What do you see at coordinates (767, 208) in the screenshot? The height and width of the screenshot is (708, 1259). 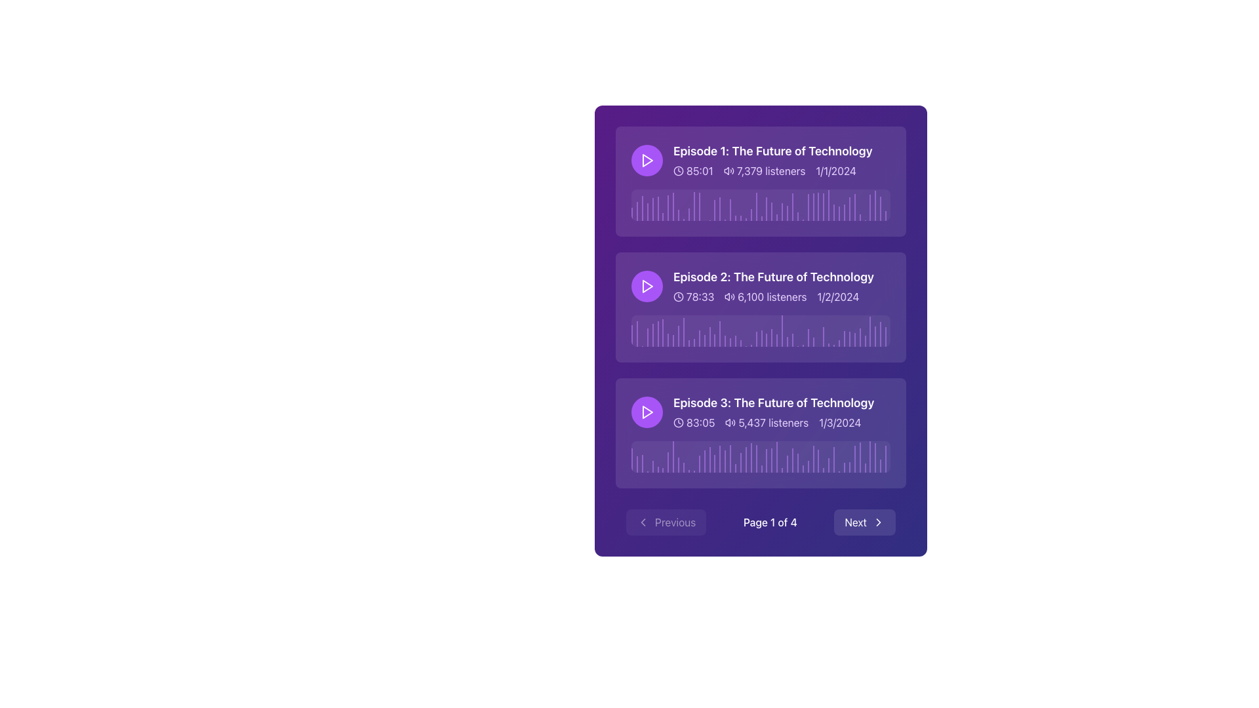 I see `the purple vertical line indicator located in the waveform display area beneath 'Episode 1: The Future of Technology'` at bounding box center [767, 208].